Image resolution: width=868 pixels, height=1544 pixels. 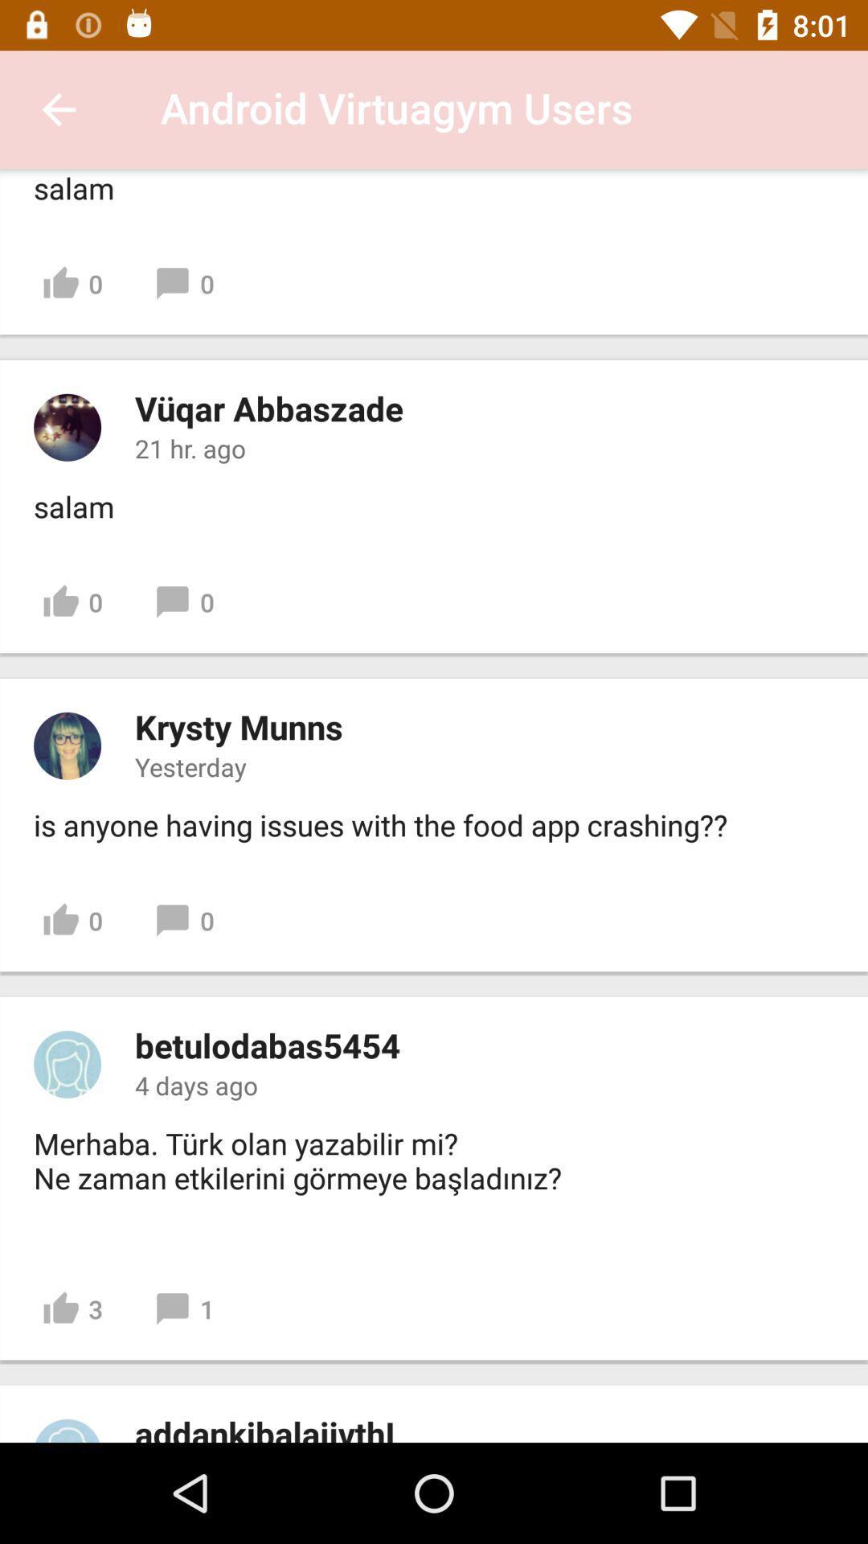 What do you see at coordinates (302, 1178) in the screenshot?
I see `item above 3` at bounding box center [302, 1178].